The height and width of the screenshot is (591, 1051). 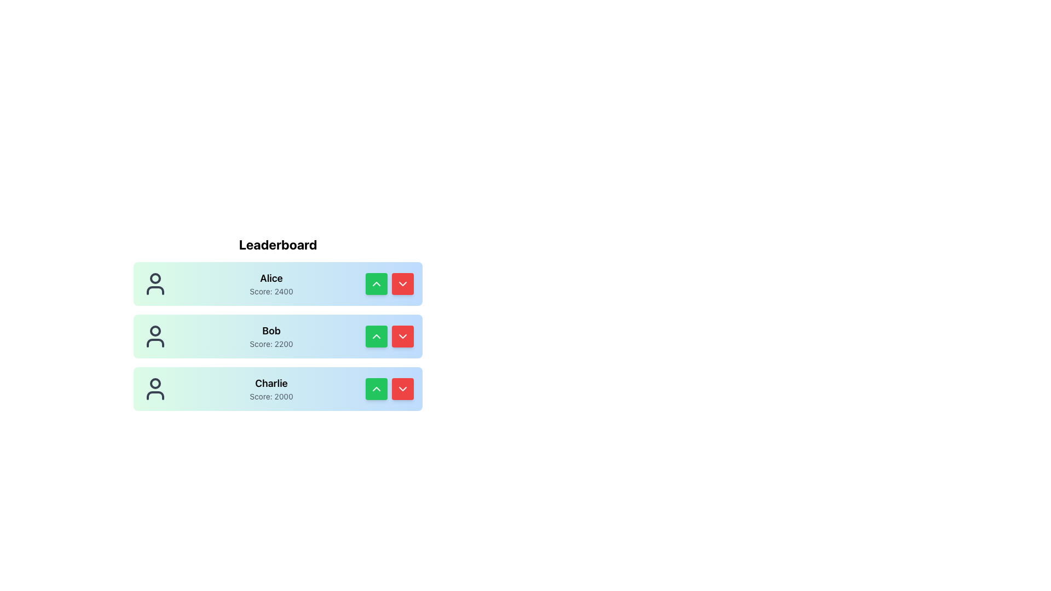 What do you see at coordinates (154, 278) in the screenshot?
I see `the decorative SVG Circle located at the top-center of the user icon for 'Alice' on the leaderboard card` at bounding box center [154, 278].